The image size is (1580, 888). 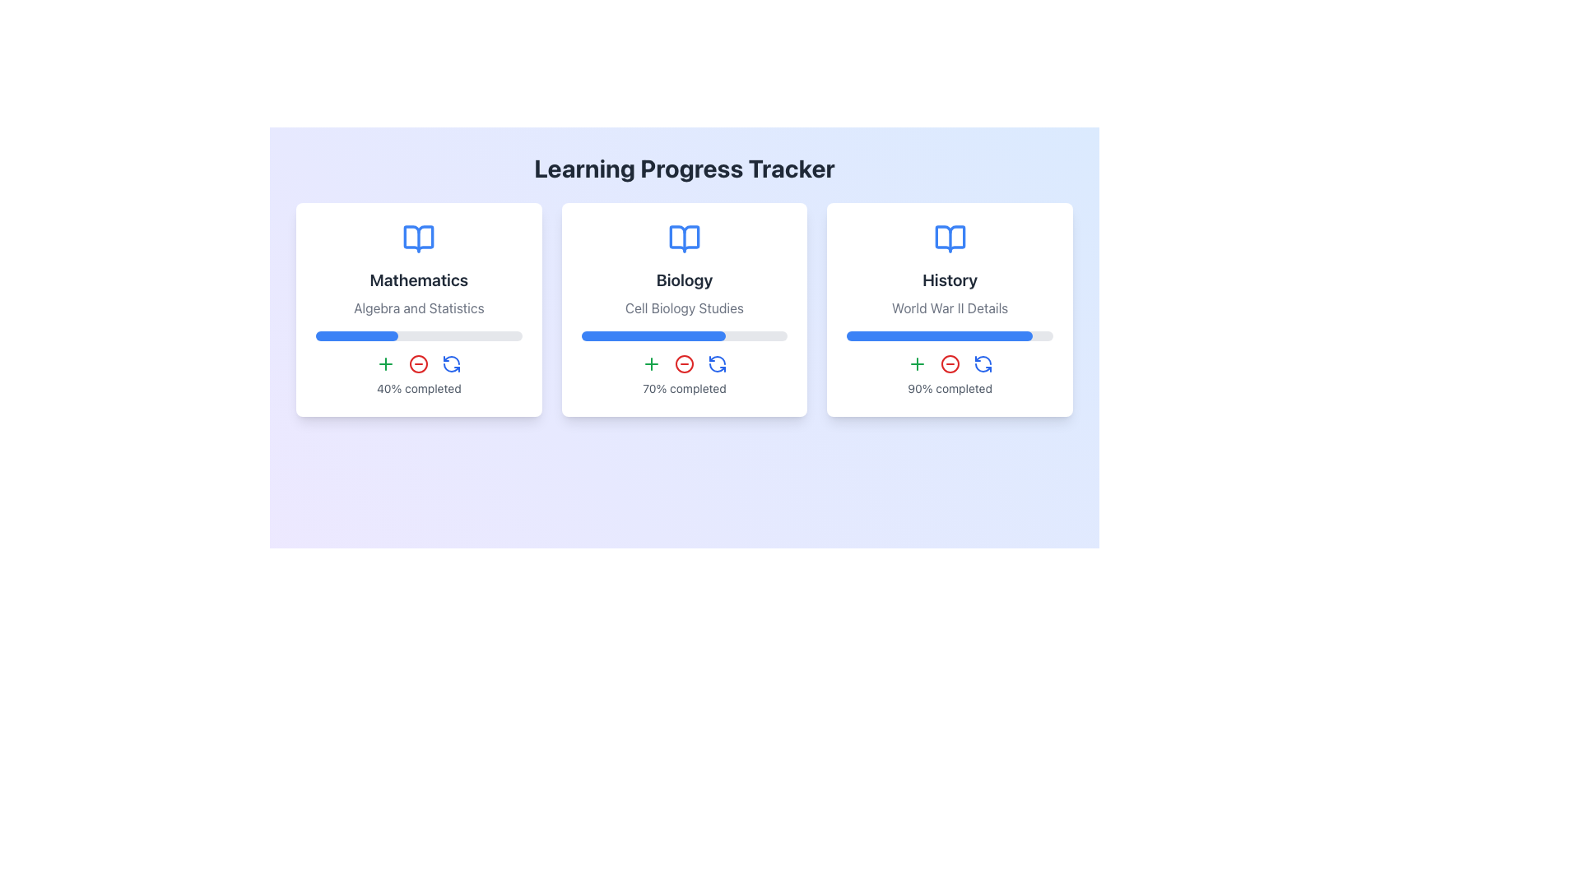 What do you see at coordinates (419, 238) in the screenshot?
I see `the blue open book icon located at the top-center of the 'Mathematics' card, which displays the title 'Mathematics' and subtitle 'Algebra and Statistics'` at bounding box center [419, 238].